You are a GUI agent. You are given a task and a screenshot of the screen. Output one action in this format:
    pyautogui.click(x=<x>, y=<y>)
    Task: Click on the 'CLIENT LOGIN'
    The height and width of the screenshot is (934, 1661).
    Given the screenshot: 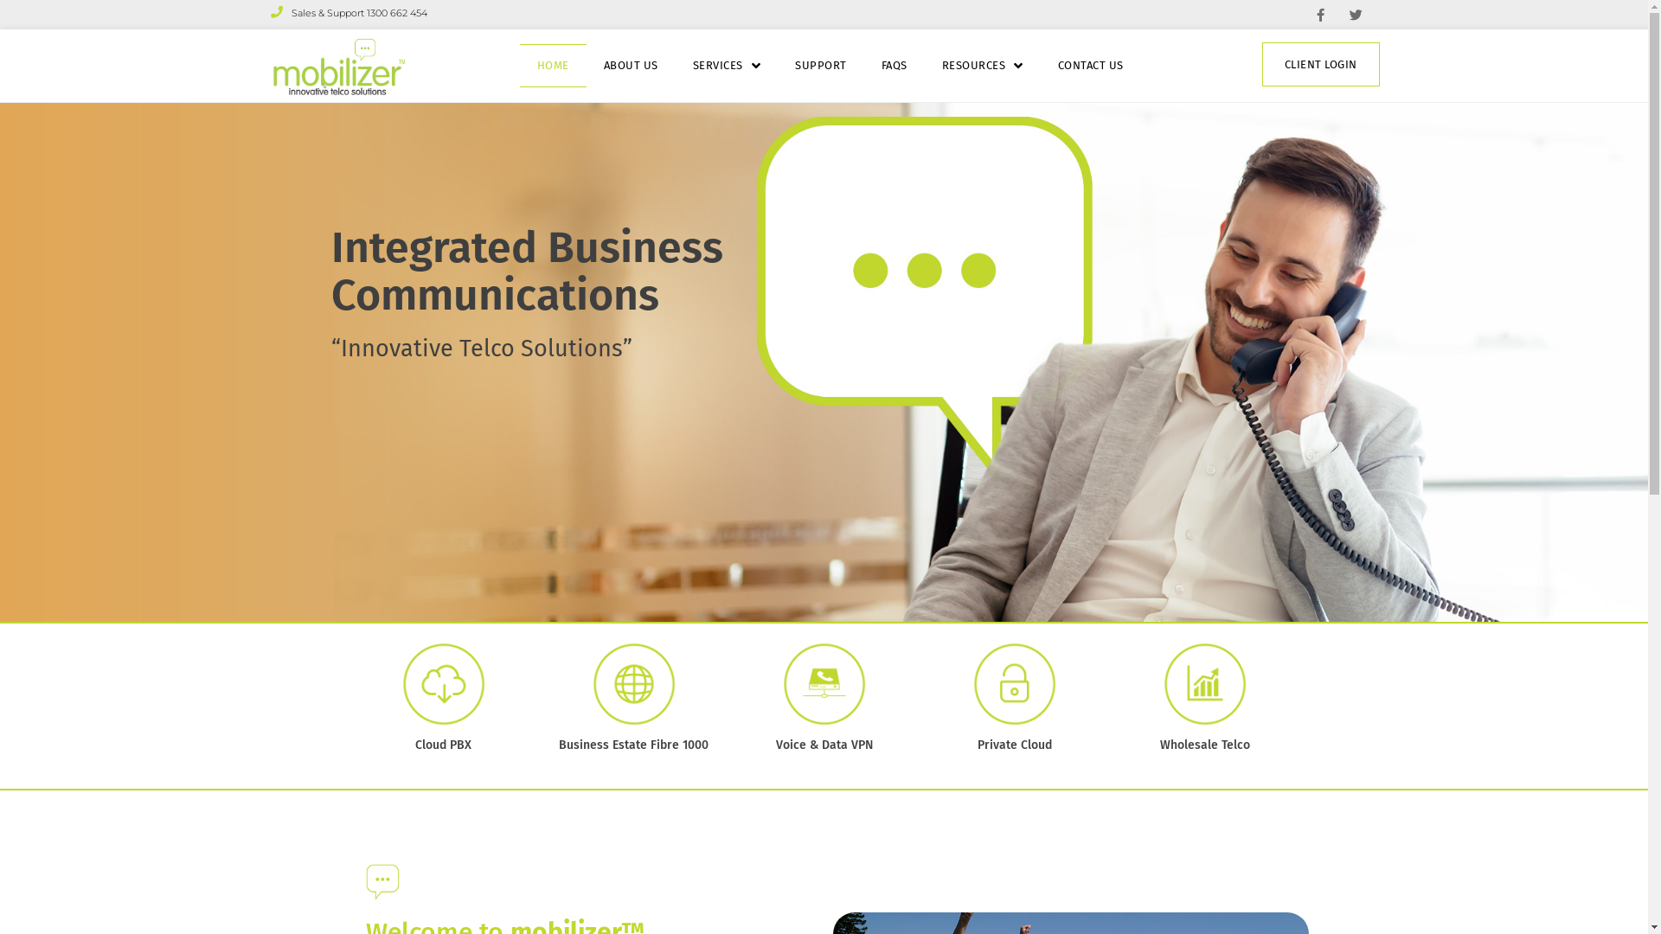 What is the action you would take?
    pyautogui.click(x=1319, y=63)
    